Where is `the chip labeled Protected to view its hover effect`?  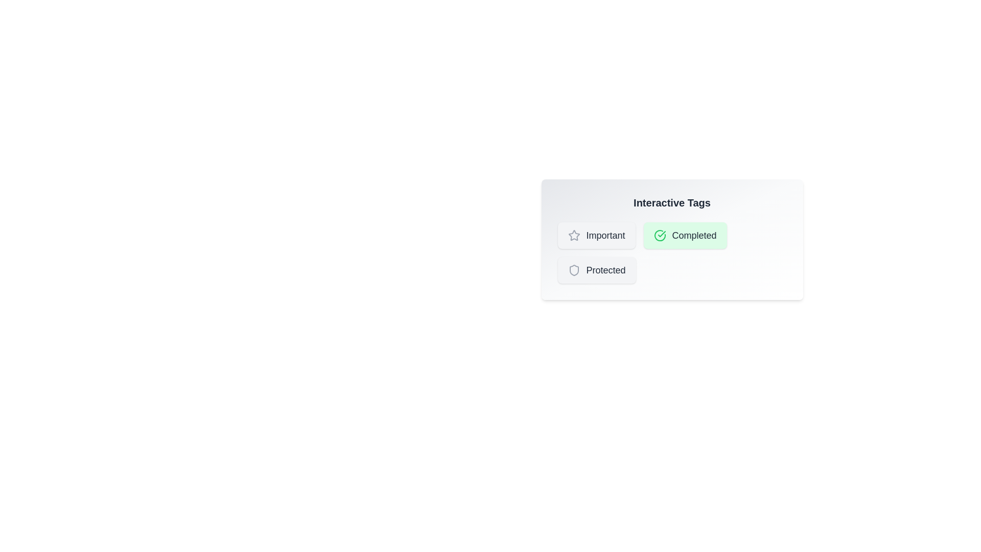 the chip labeled Protected to view its hover effect is located at coordinates (596, 269).